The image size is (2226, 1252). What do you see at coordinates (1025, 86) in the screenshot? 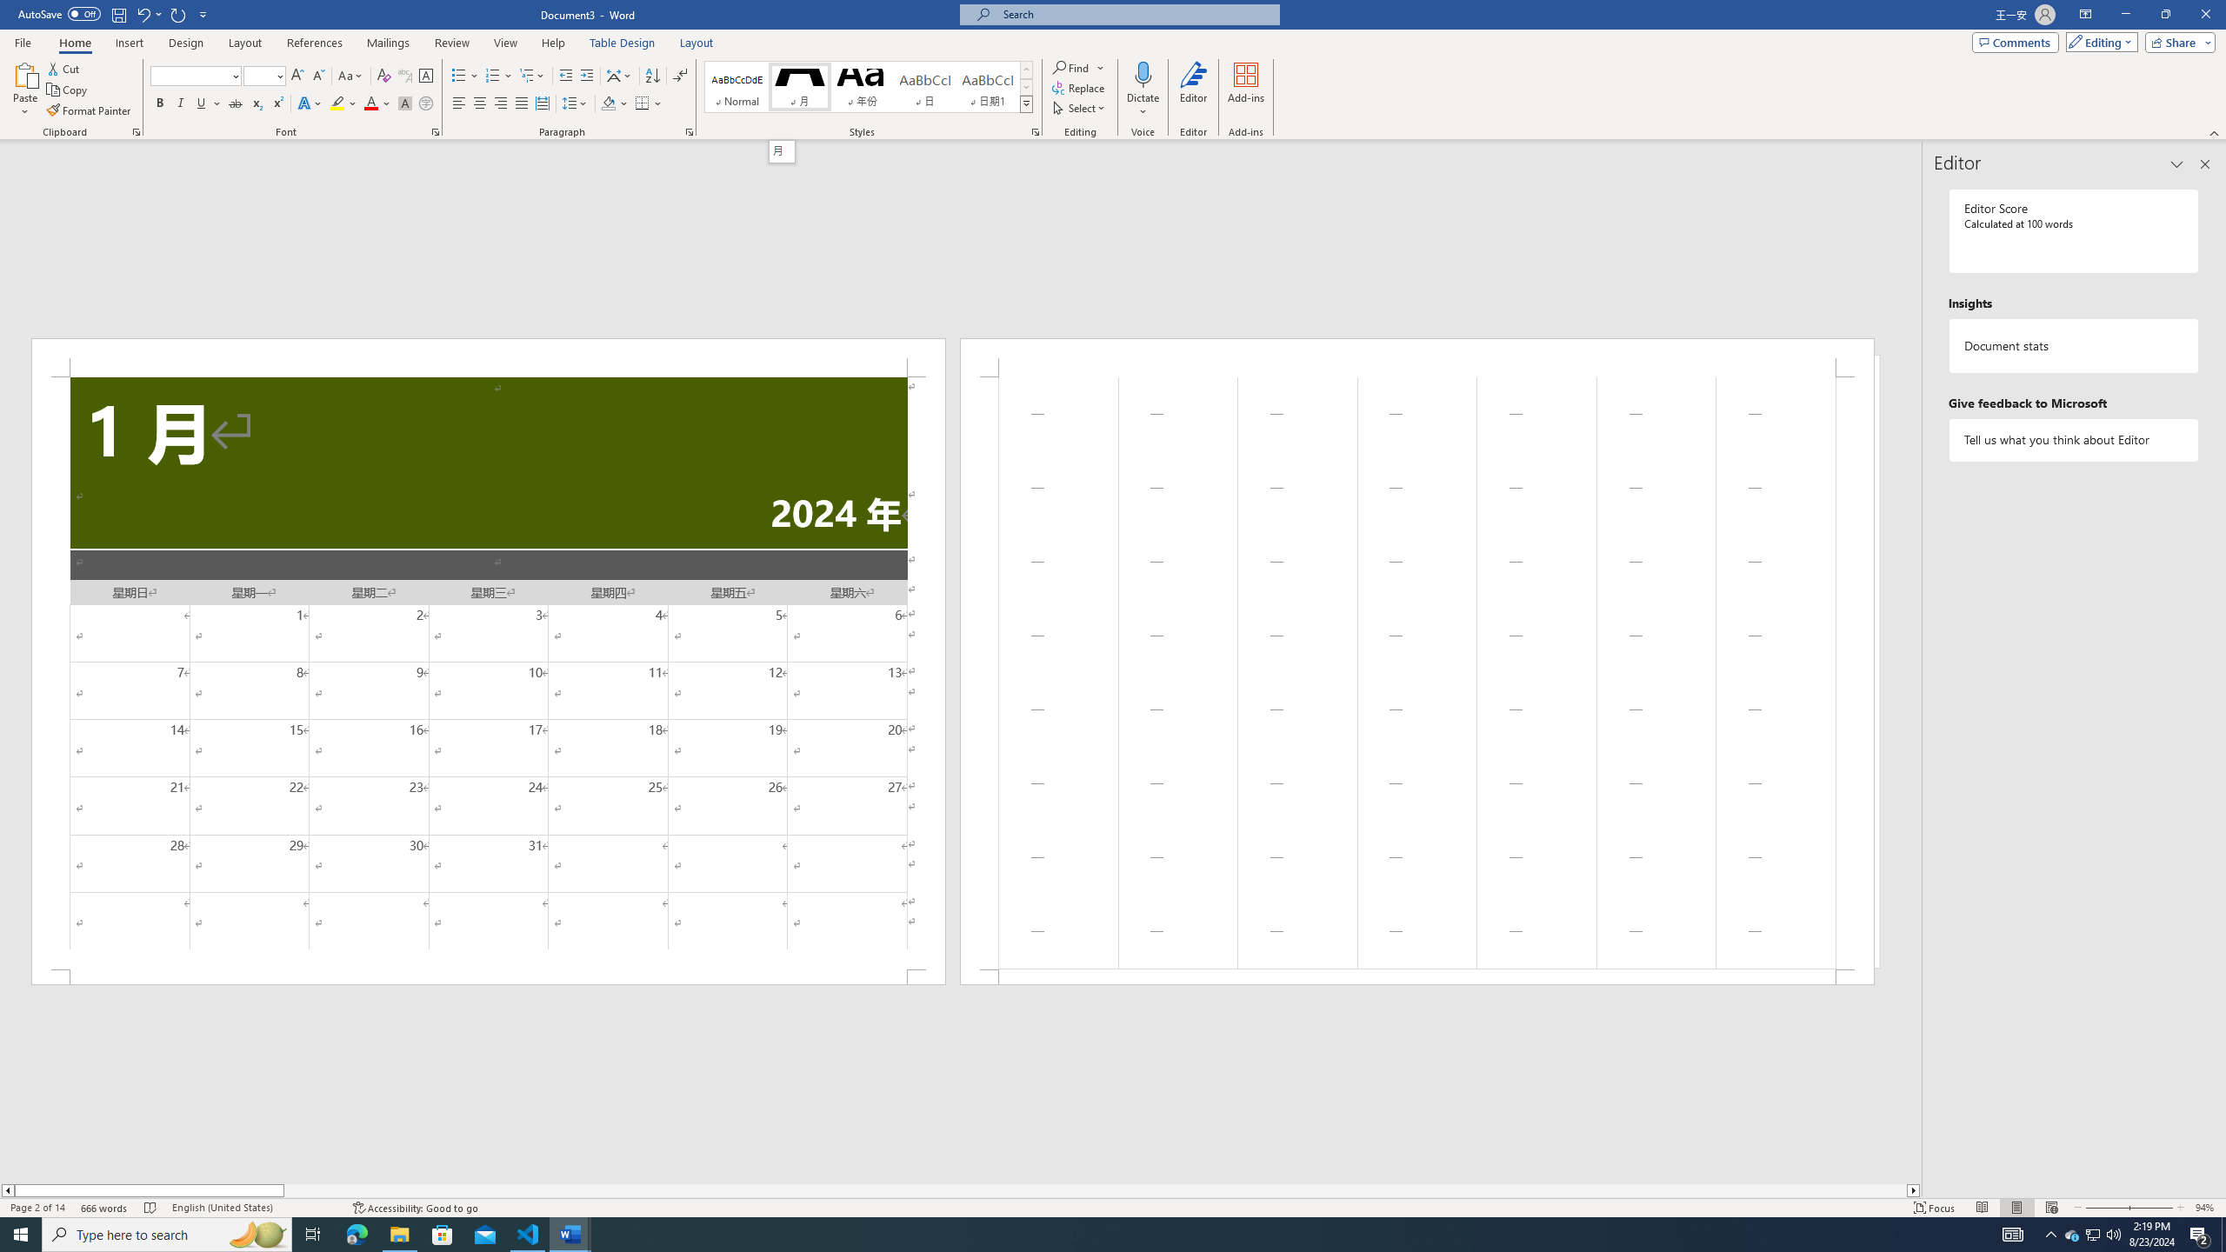
I see `'Row Down'` at bounding box center [1025, 86].